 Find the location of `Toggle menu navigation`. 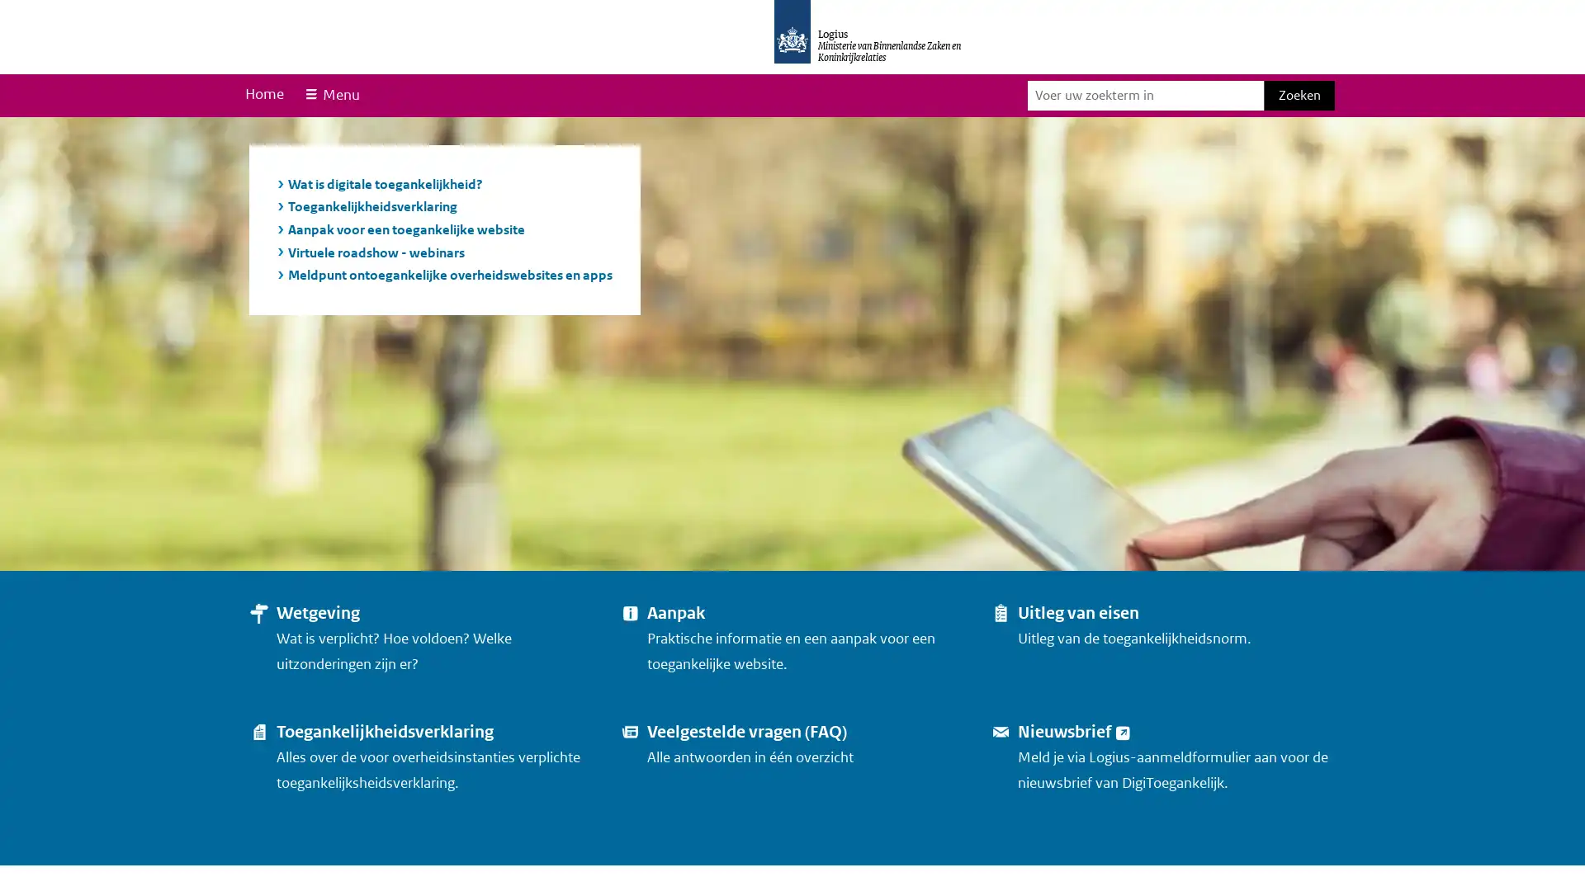

Toggle menu navigation is located at coordinates (330, 95).